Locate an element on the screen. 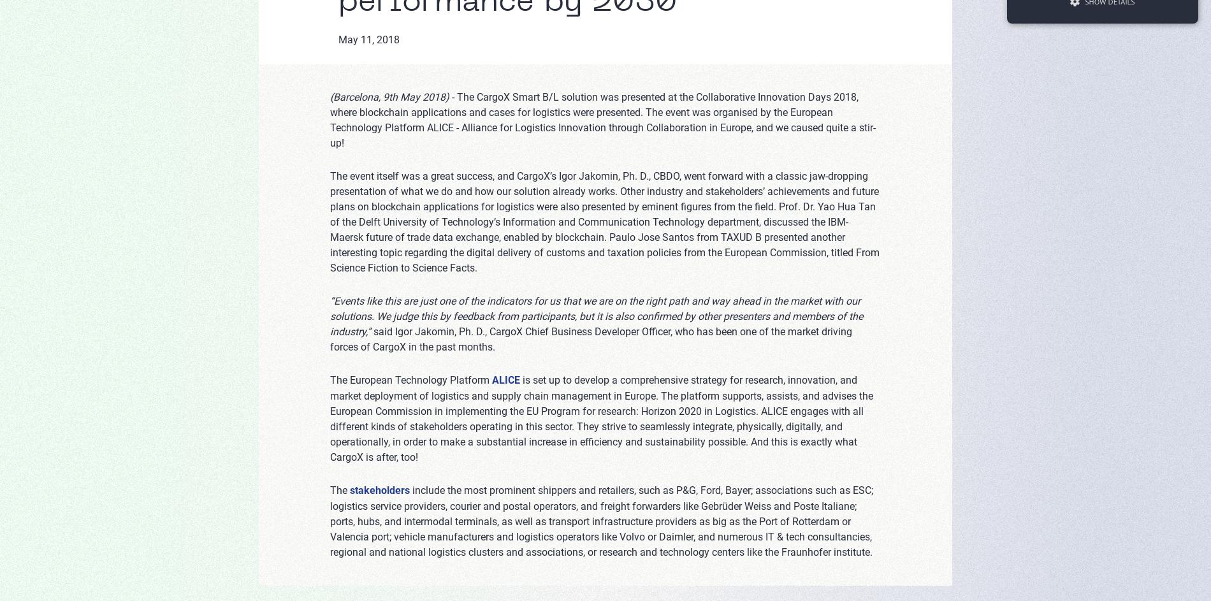  'The event itself was a great success, and CargoX’s Igor Jakomin, Ph. D., CBDO, went forward with a classic jaw-dropping presentation of what we do and how our solution already works. Other industry and stakeholders’ achievements and future plans on blockchain applications for logistics were also presented by eminent figures from the field. Prof. Dr. Yao Hua Tan of the Delft University of Technology’s Information and Communication Technology department, discussed the IBM-Maersk future of trade data exchange, enabled by blockchain. Paulo Jose Santos from TAXUD B presented another interesting topic regarding the digital delivery of customs and taxation policies from the European Commission, titled From Science Fiction to Science Facts.' is located at coordinates (604, 222).